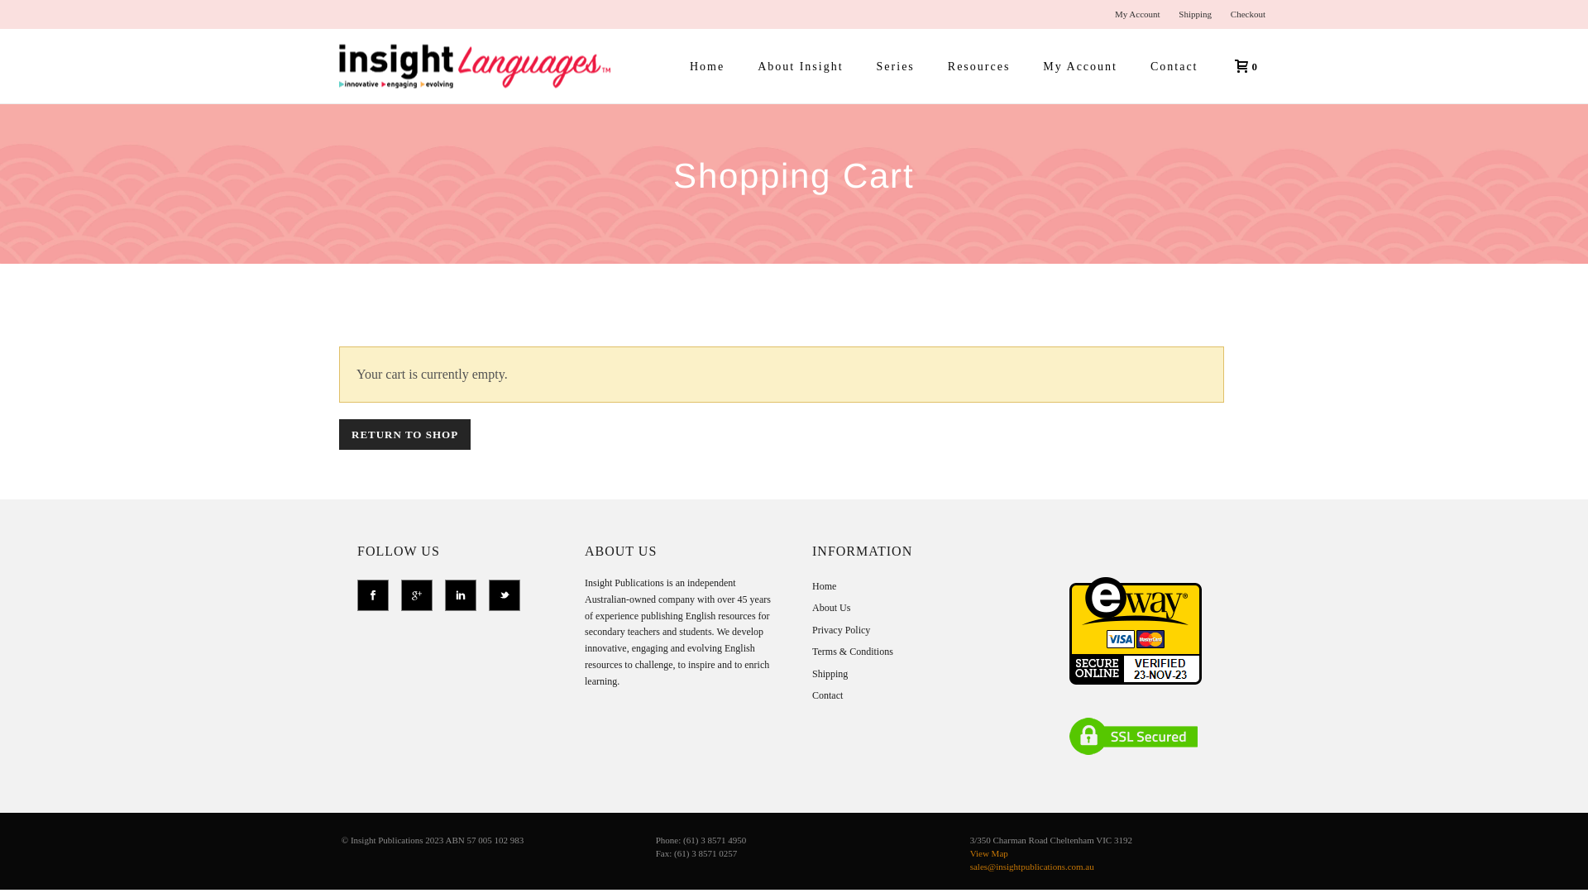  Describe the element at coordinates (740, 66) in the screenshot. I see `'About Insight'` at that location.